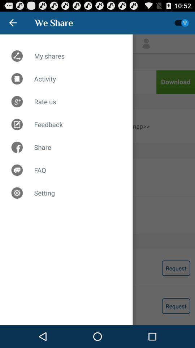  Describe the element at coordinates (53, 22) in the screenshot. I see `the share above my shares` at that location.